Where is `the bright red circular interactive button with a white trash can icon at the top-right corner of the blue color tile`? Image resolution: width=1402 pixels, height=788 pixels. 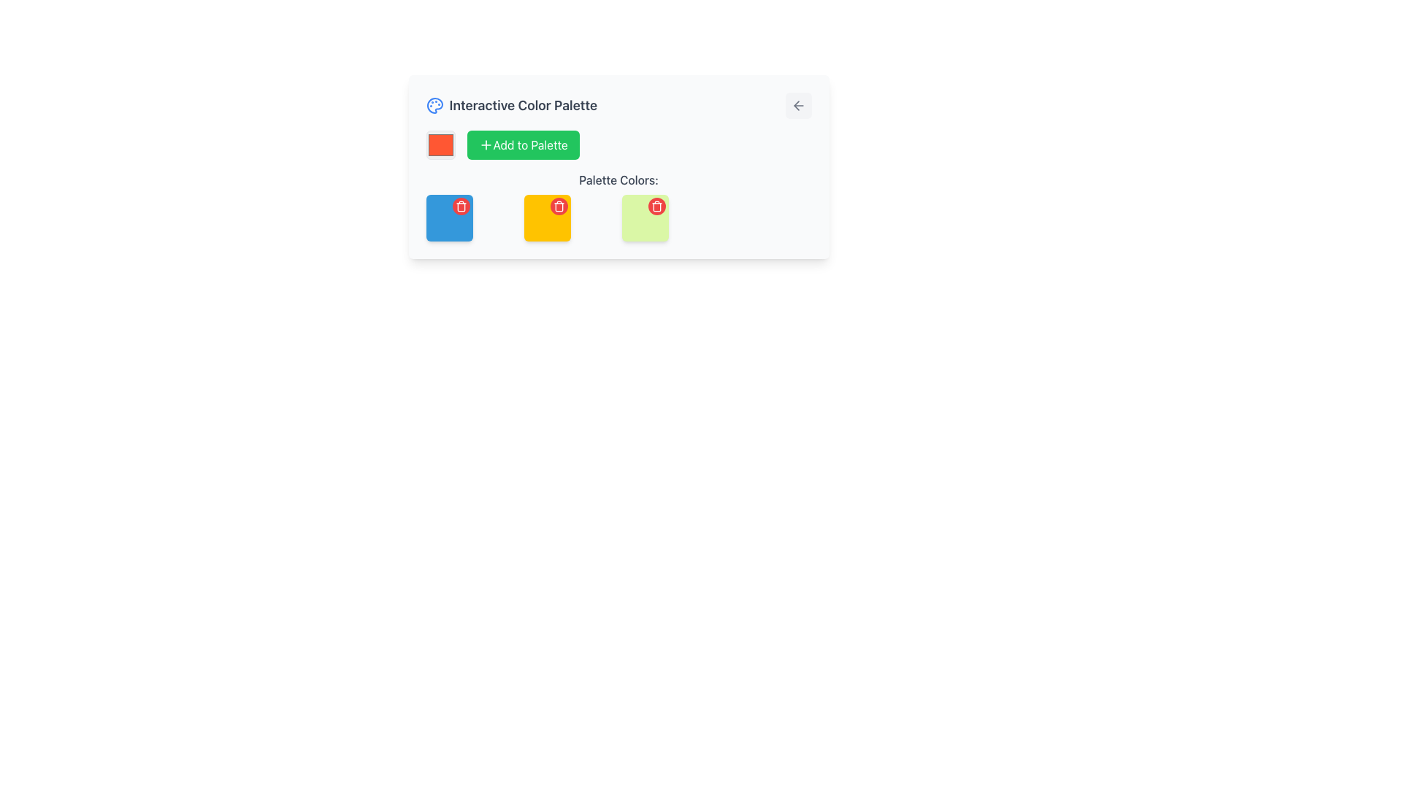
the bright red circular interactive button with a white trash can icon at the top-right corner of the blue color tile is located at coordinates (460, 206).